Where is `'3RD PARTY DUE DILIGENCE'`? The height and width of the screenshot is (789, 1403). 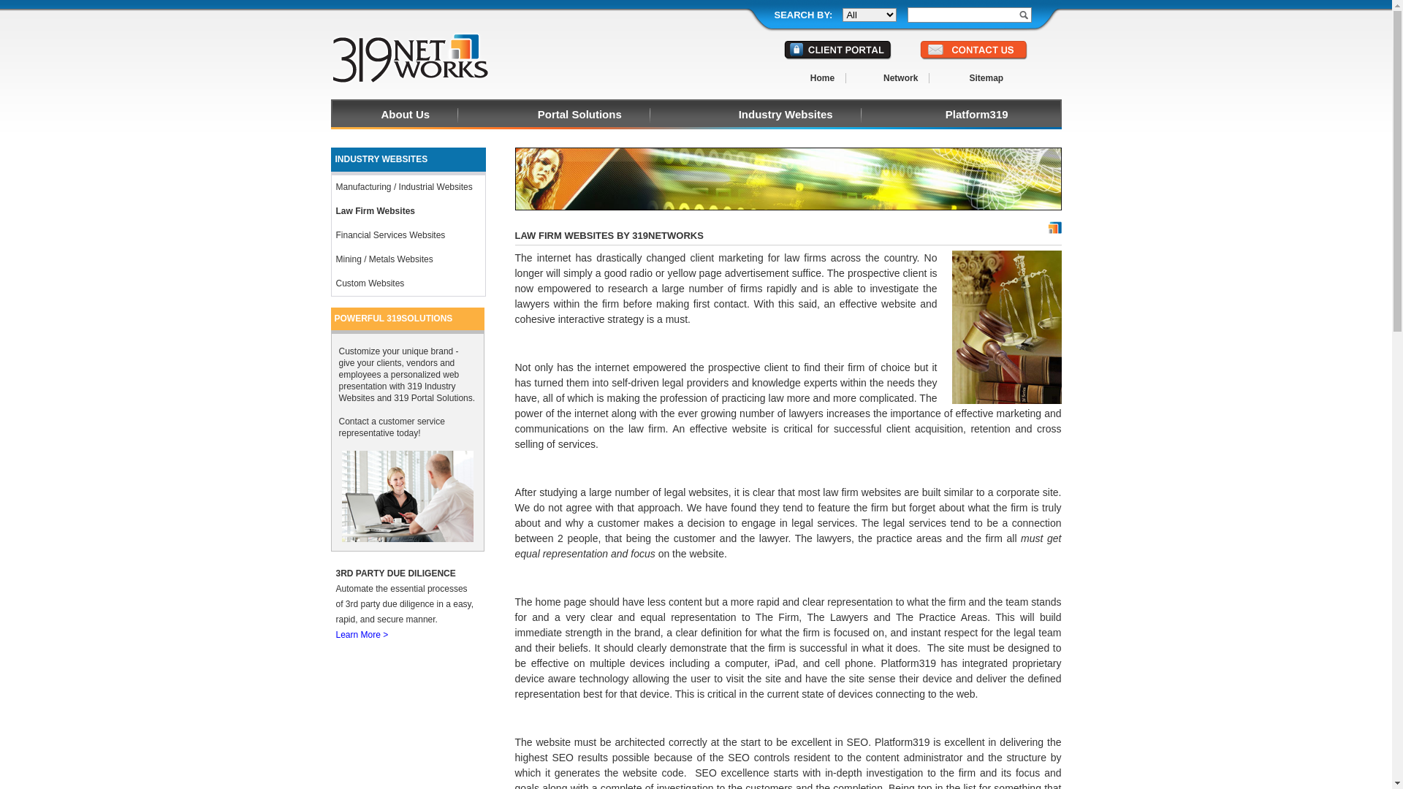 '3RD PARTY DUE DILIGENCE' is located at coordinates (396, 573).